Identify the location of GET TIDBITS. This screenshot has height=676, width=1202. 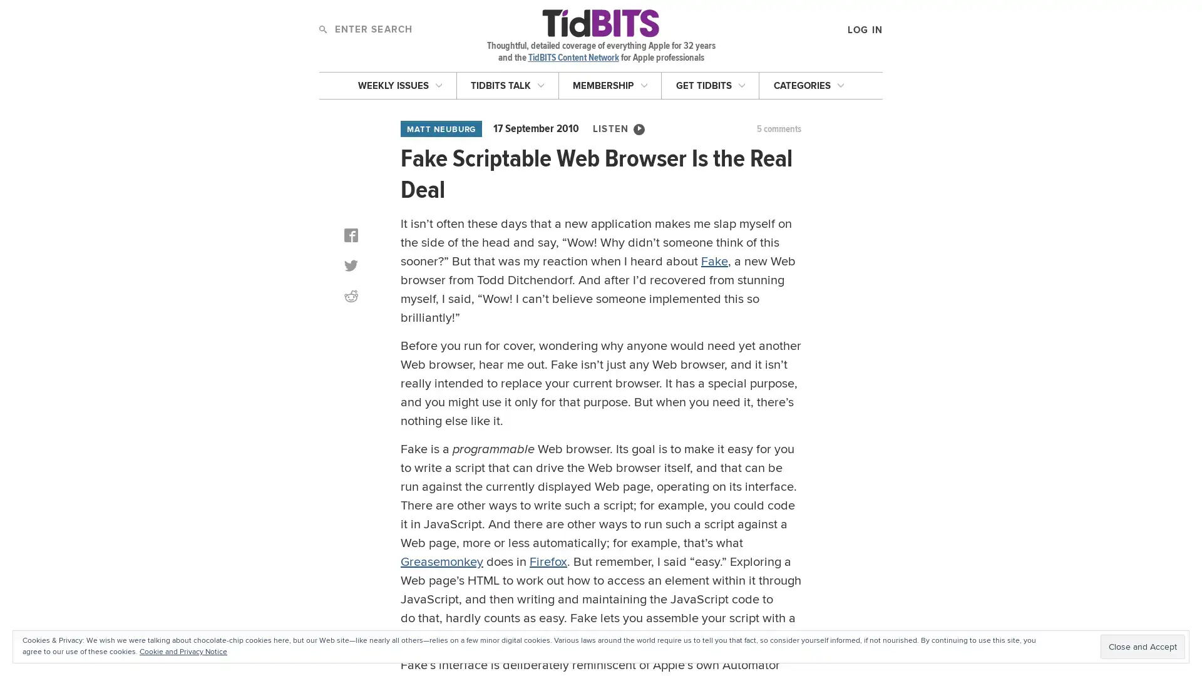
(710, 84).